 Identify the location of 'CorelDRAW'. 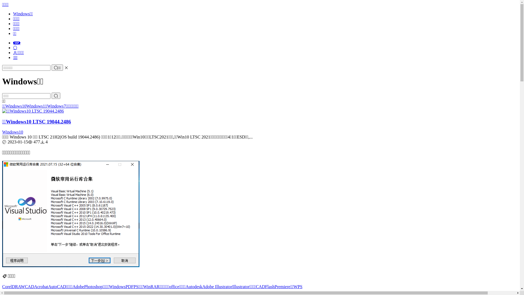
(2, 286).